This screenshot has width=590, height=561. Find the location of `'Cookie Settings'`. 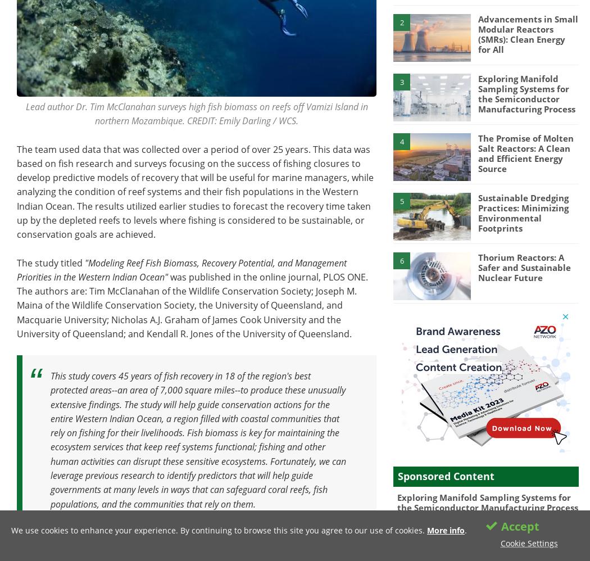

'Cookie Settings' is located at coordinates (500, 542).